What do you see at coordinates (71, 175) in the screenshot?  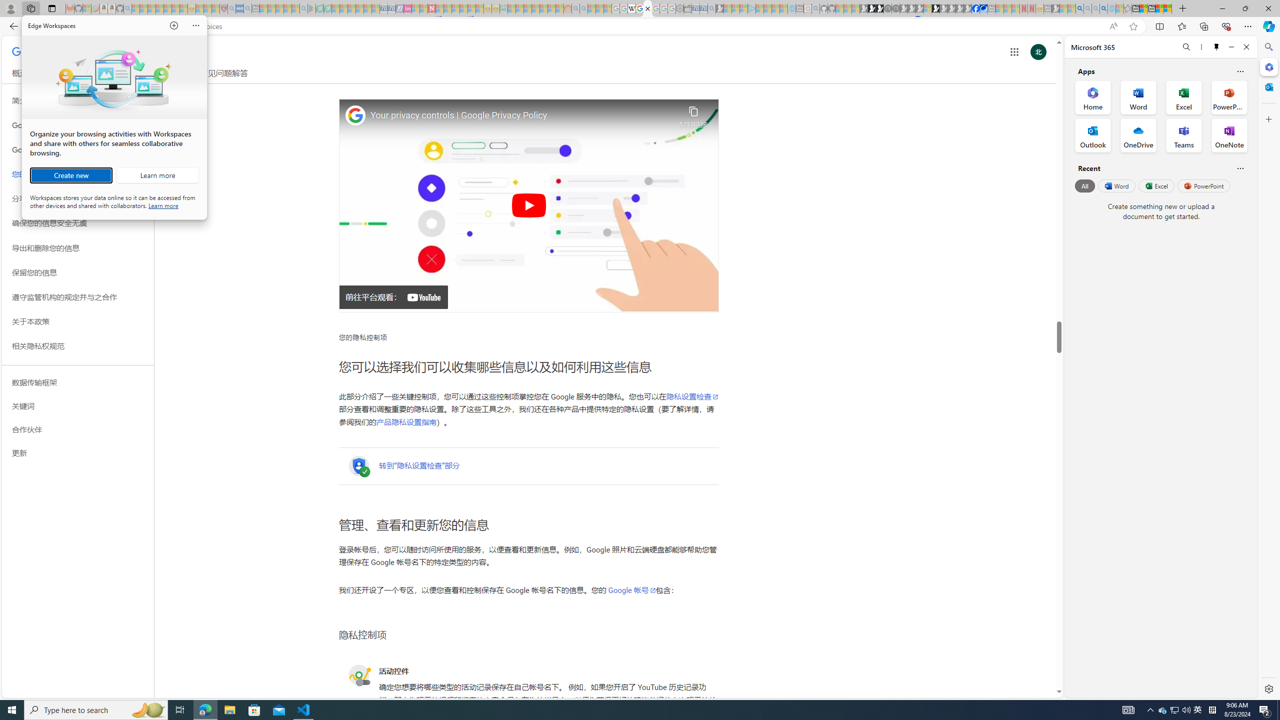 I see `'Create new workspace'` at bounding box center [71, 175].